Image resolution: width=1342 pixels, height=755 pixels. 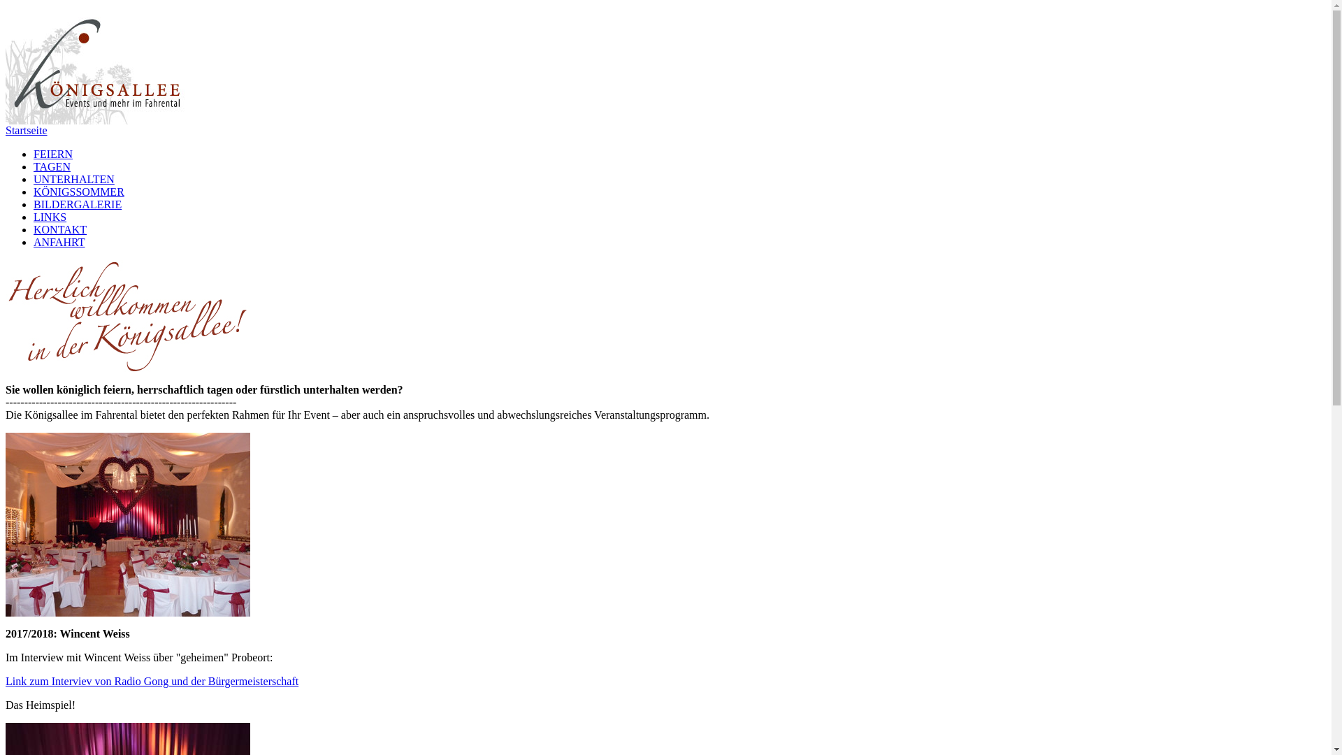 What do you see at coordinates (76, 204) in the screenshot?
I see `'BILDERGALERIE'` at bounding box center [76, 204].